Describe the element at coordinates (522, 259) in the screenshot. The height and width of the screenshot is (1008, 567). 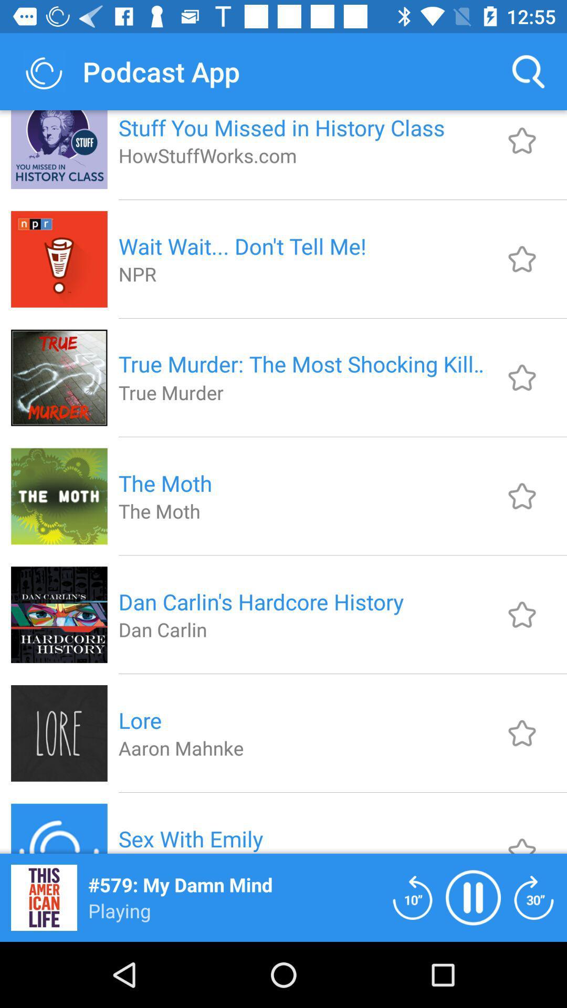
I see `mark as favorite` at that location.